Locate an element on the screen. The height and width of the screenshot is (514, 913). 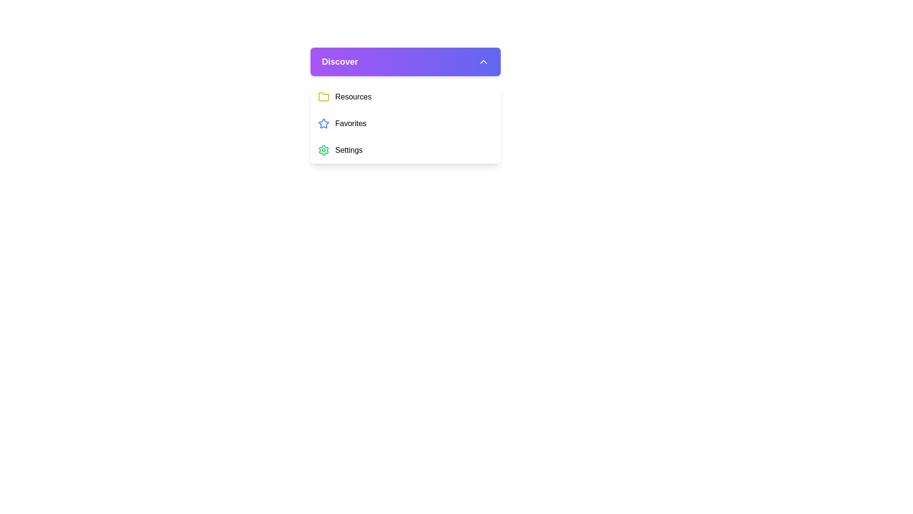
the chevron-shaped upward-pointing arrow located at the far-right side of the header section labeled 'Discover' is located at coordinates (484, 62).